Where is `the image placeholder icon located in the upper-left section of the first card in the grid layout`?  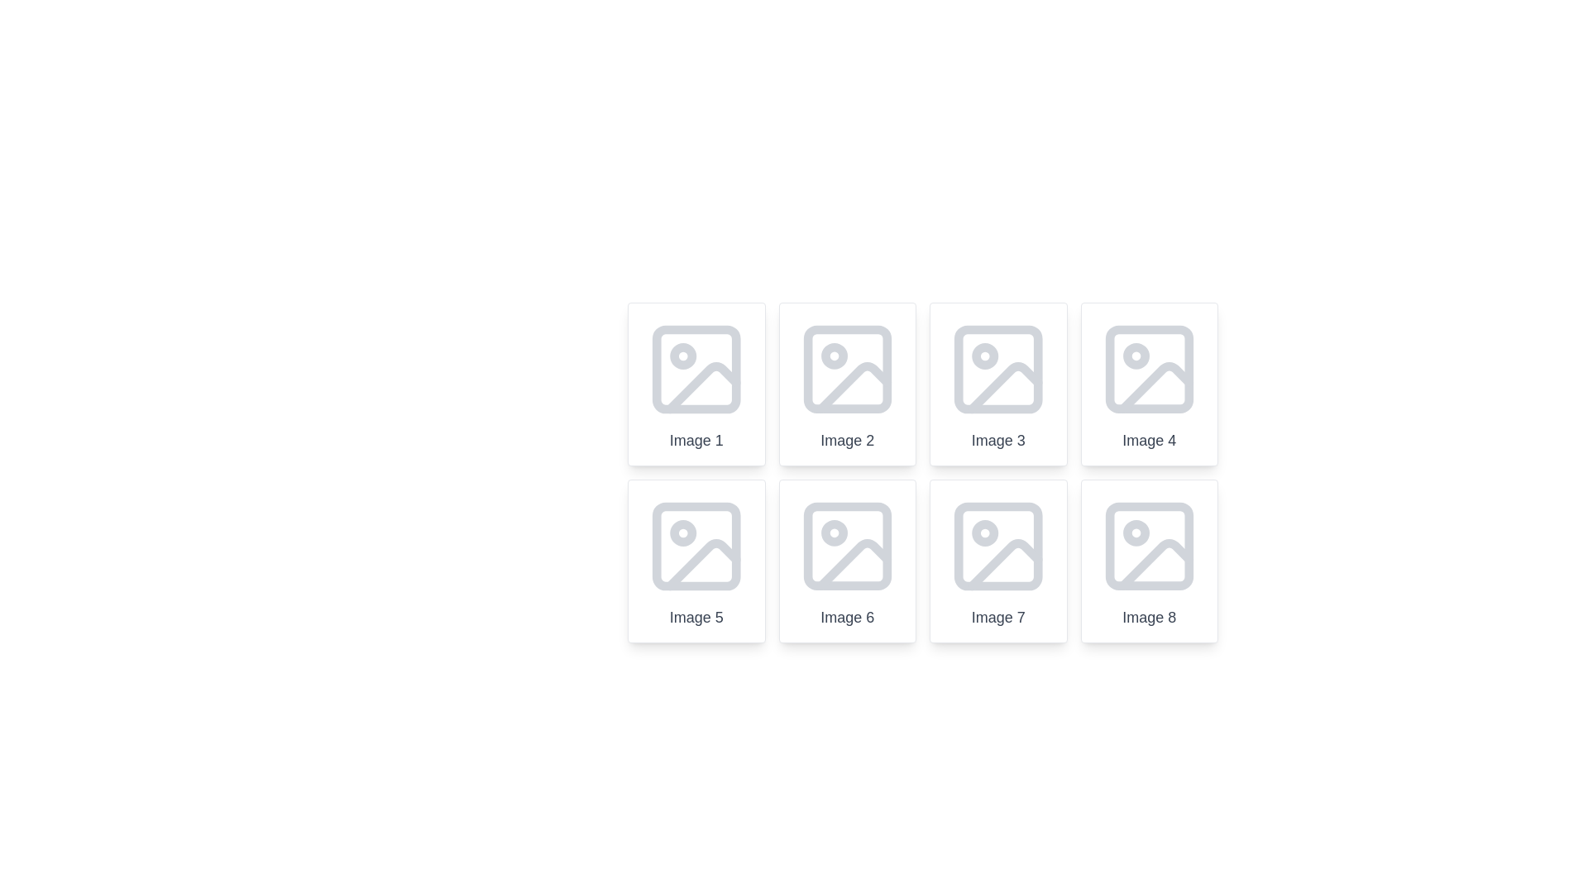 the image placeholder icon located in the upper-left section of the first card in the grid layout is located at coordinates (696, 369).